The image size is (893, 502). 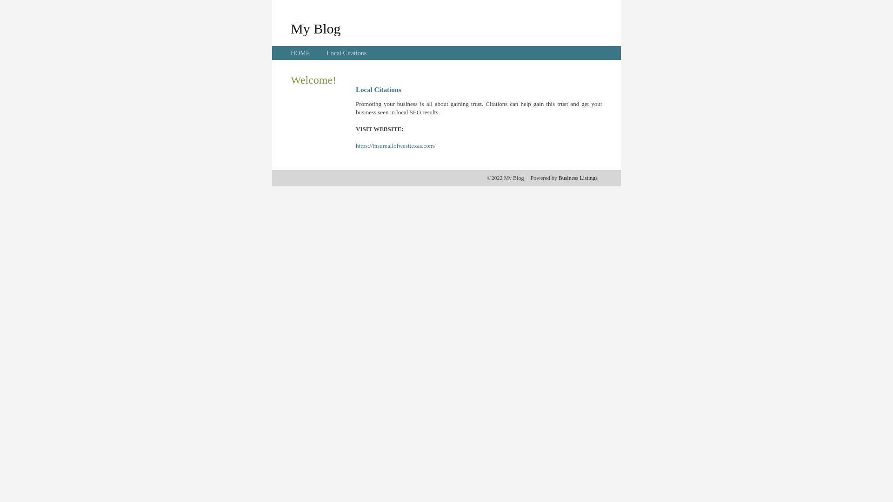 What do you see at coordinates (315, 28) in the screenshot?
I see `'My Blog'` at bounding box center [315, 28].